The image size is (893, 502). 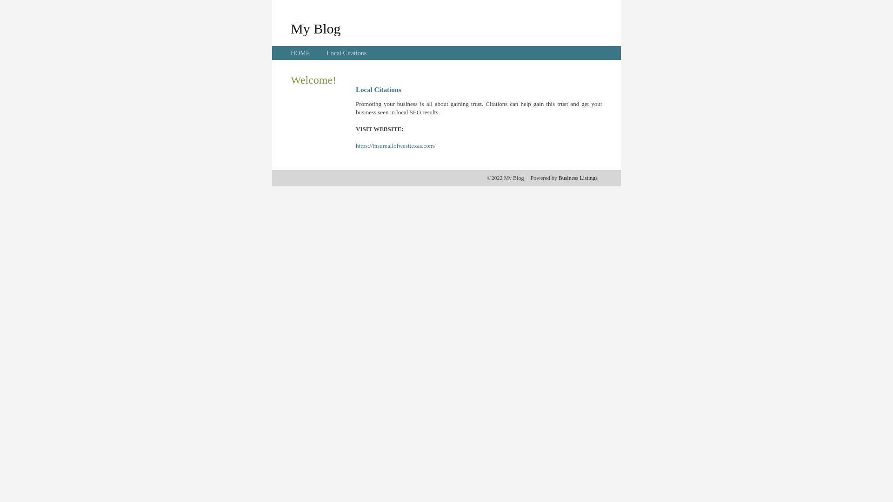 What do you see at coordinates (315, 28) in the screenshot?
I see `'My Blog'` at bounding box center [315, 28].